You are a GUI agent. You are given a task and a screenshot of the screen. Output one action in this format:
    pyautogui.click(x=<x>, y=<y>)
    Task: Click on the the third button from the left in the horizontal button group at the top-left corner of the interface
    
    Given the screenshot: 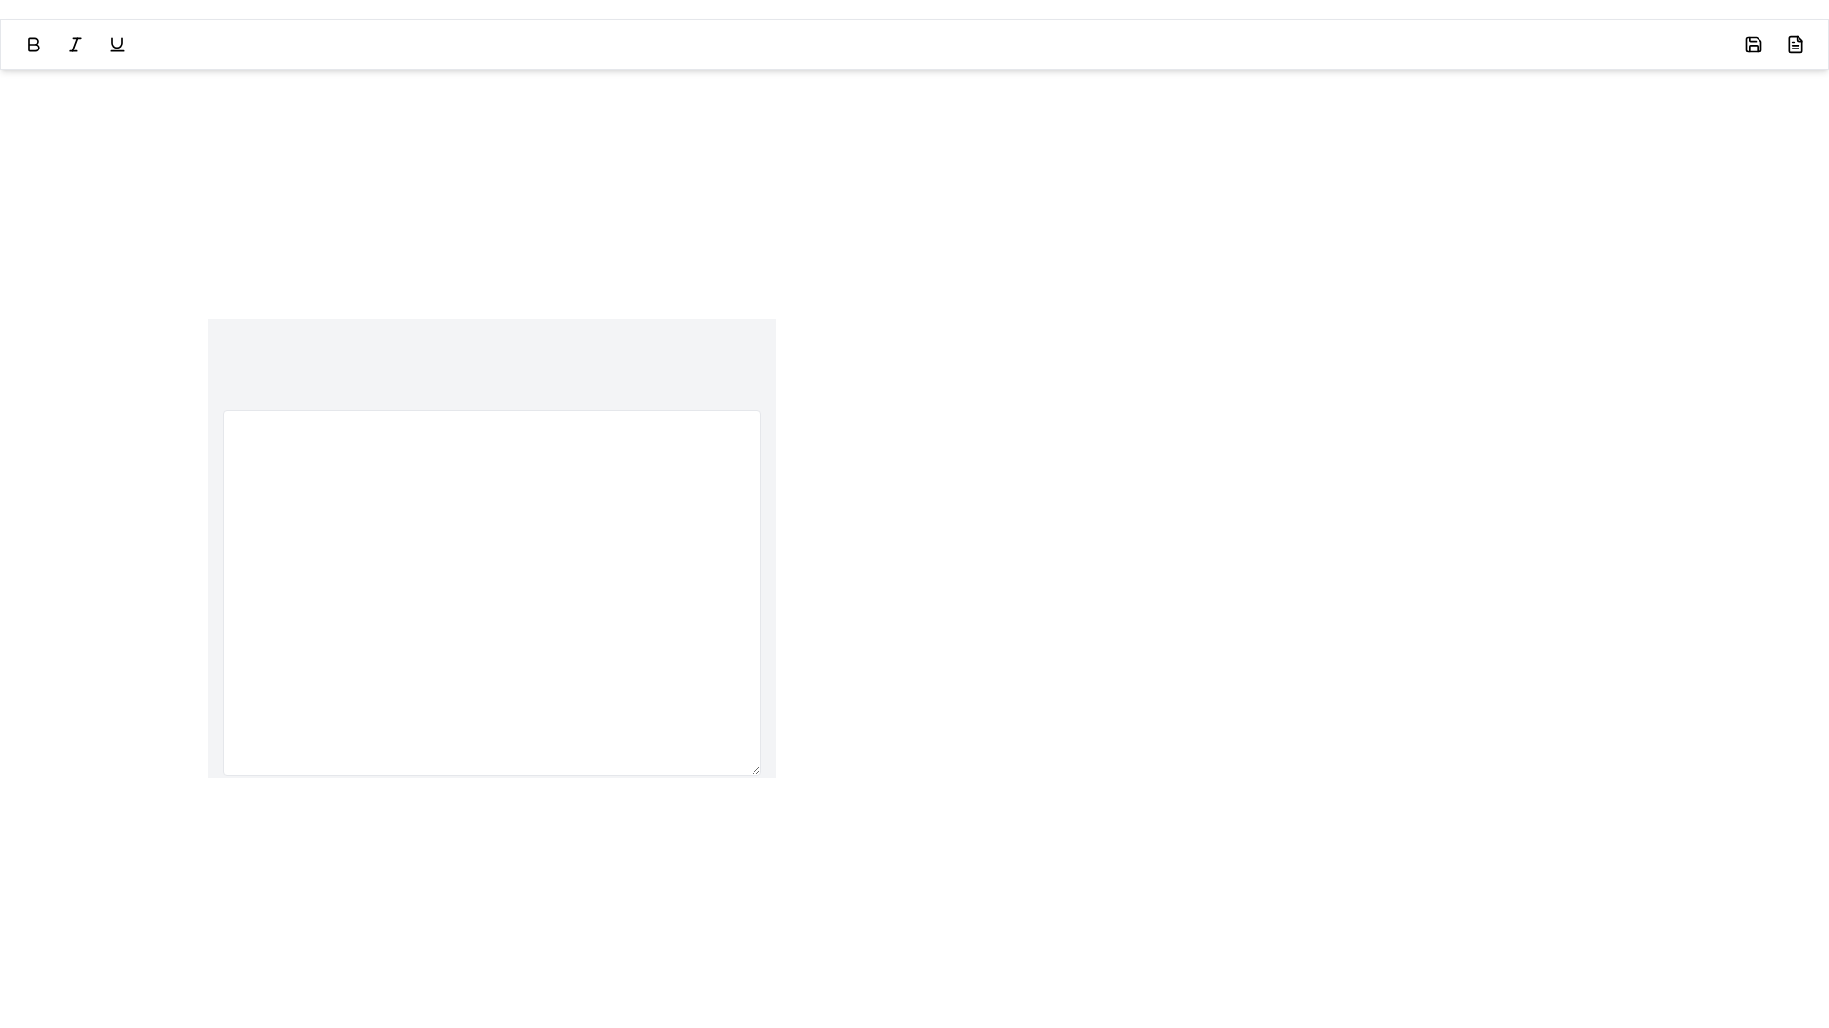 What is the action you would take?
    pyautogui.click(x=116, y=43)
    